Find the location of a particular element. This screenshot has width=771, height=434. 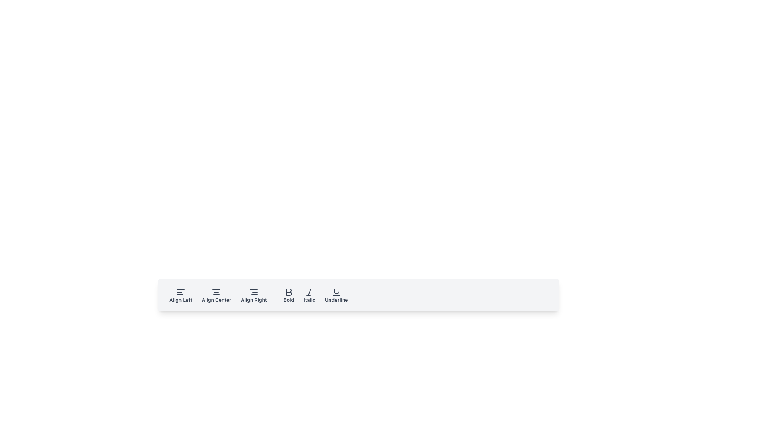

the 'Underline' button with the 'U' icon in the text formatting toolbar is located at coordinates (336, 295).